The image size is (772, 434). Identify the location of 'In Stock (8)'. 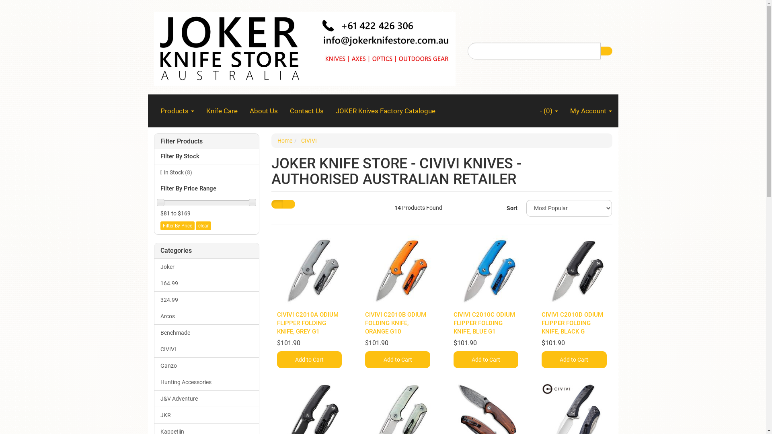
(207, 172).